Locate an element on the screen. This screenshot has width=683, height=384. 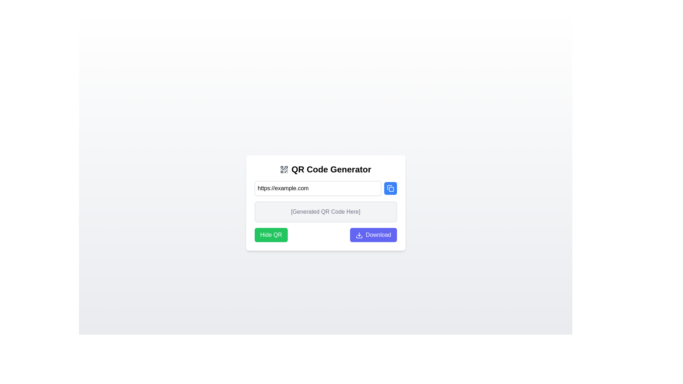
the decorative vector graphic component of the clipboard icon located in the top-right corner of the icon, which is situated to the right of the URL input field labeled 'https://example.com' is located at coordinates (391, 189).